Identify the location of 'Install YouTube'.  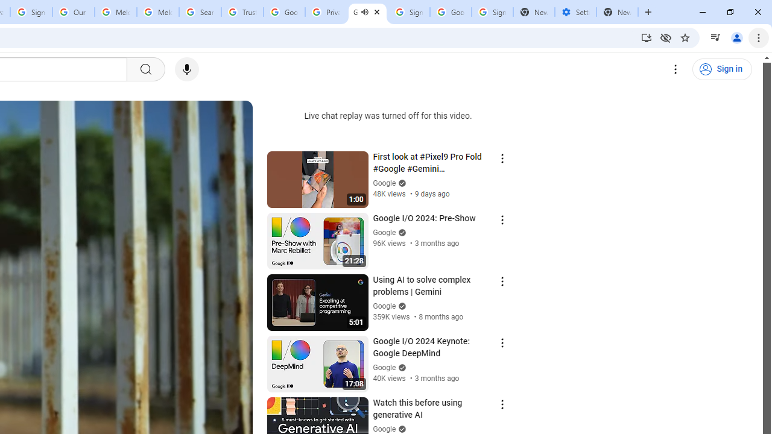
(646, 37).